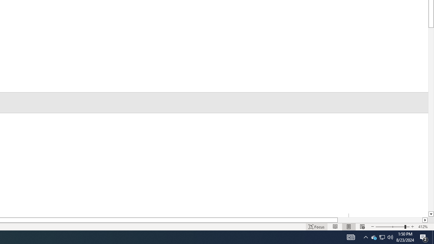 The image size is (434, 244). What do you see at coordinates (431, 214) in the screenshot?
I see `'Line down'` at bounding box center [431, 214].